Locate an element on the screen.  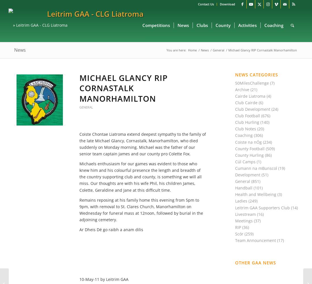
'(36)' is located at coordinates (245, 227).